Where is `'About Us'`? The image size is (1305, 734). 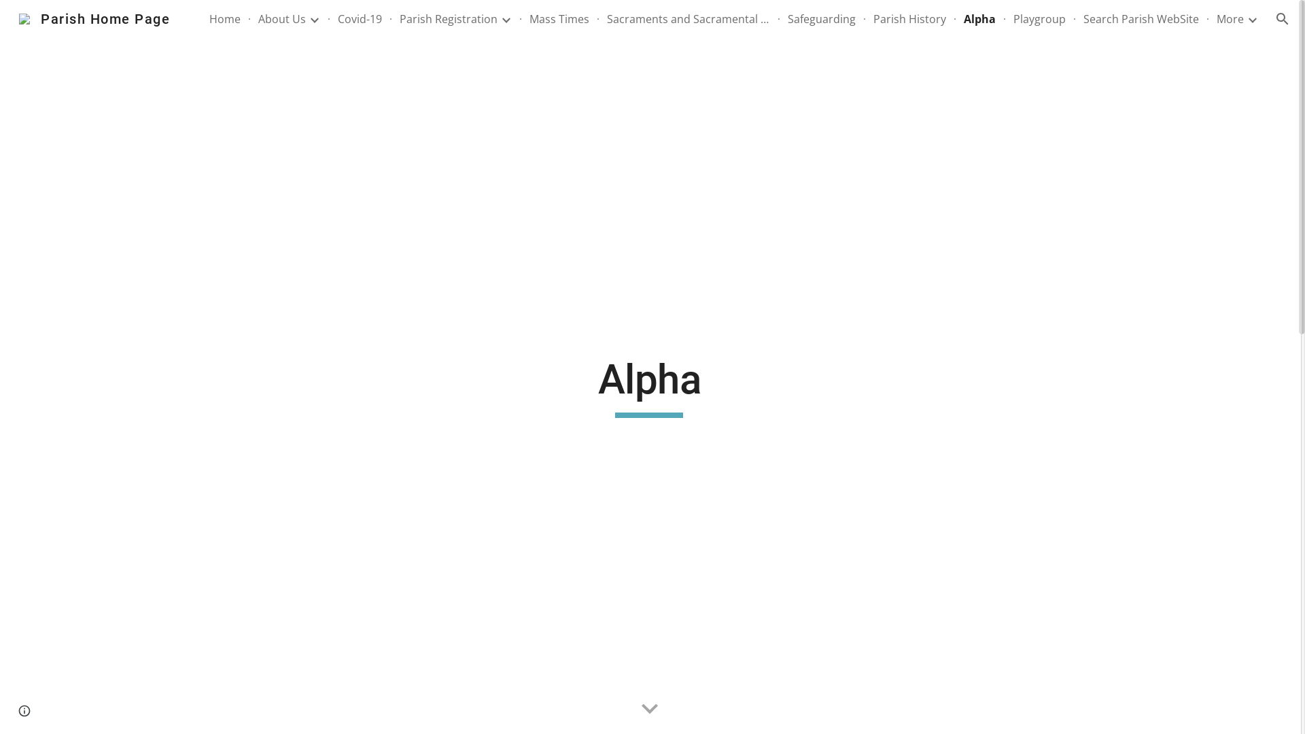 'About Us' is located at coordinates (281, 18).